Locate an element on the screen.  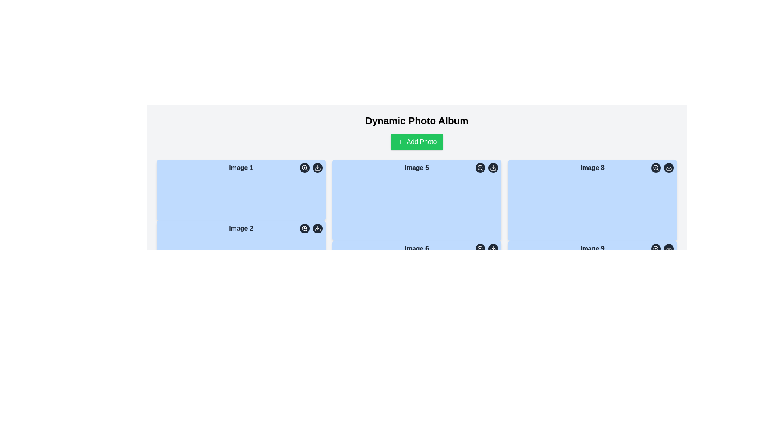
the downward-pointing arrow icon button located at the bottom-right corner of the tile representing 'Image 9' to initiate a download is located at coordinates (669, 248).